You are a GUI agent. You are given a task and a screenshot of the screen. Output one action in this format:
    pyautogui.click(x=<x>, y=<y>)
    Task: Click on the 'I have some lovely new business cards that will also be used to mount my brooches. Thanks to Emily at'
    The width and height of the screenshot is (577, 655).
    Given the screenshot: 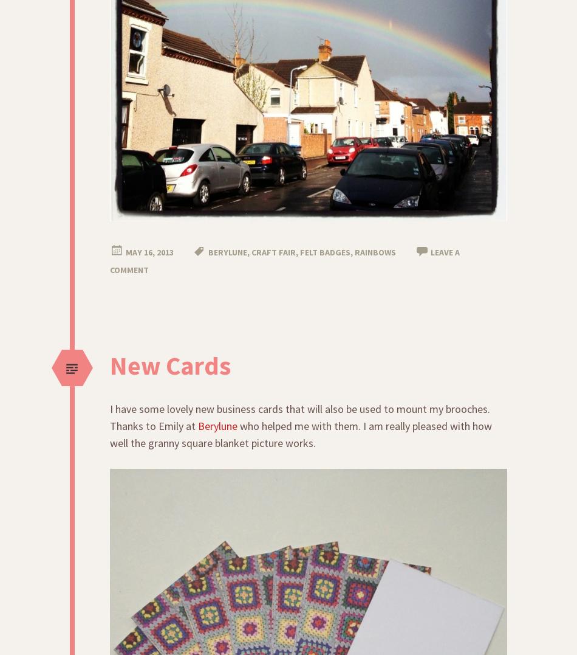 What is the action you would take?
    pyautogui.click(x=300, y=416)
    